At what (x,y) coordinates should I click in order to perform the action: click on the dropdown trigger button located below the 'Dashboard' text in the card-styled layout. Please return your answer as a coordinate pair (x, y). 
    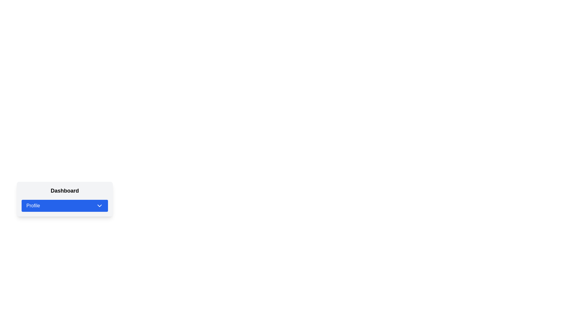
    Looking at the image, I should click on (65, 199).